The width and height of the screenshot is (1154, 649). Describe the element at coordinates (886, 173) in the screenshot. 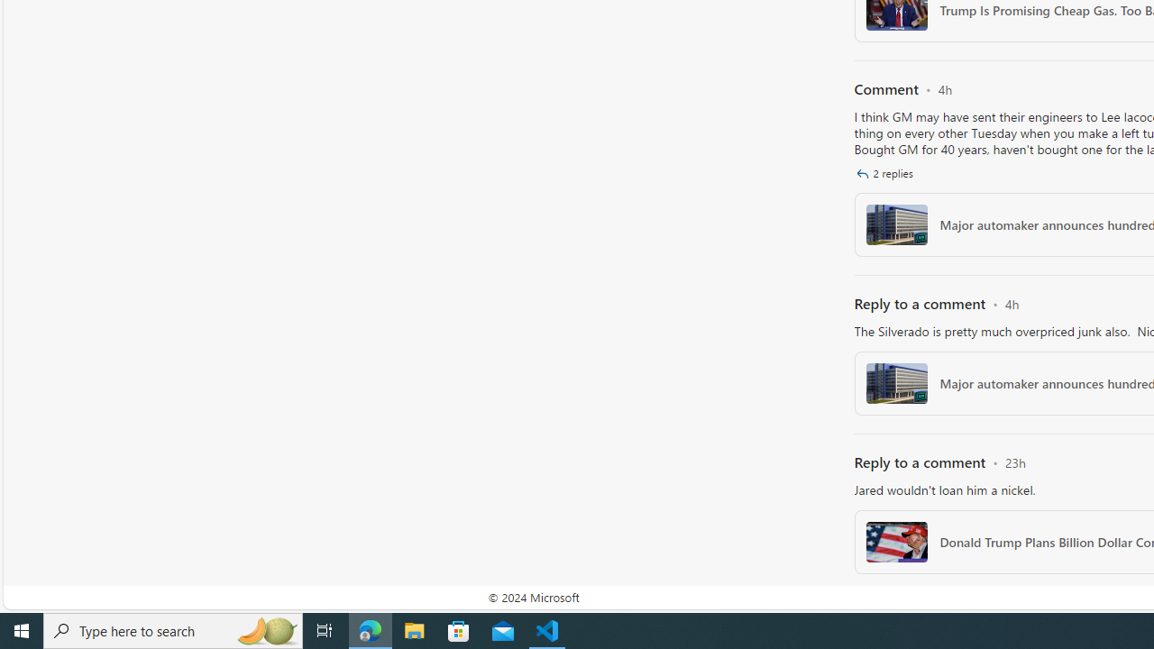

I see `'2 replies'` at that location.